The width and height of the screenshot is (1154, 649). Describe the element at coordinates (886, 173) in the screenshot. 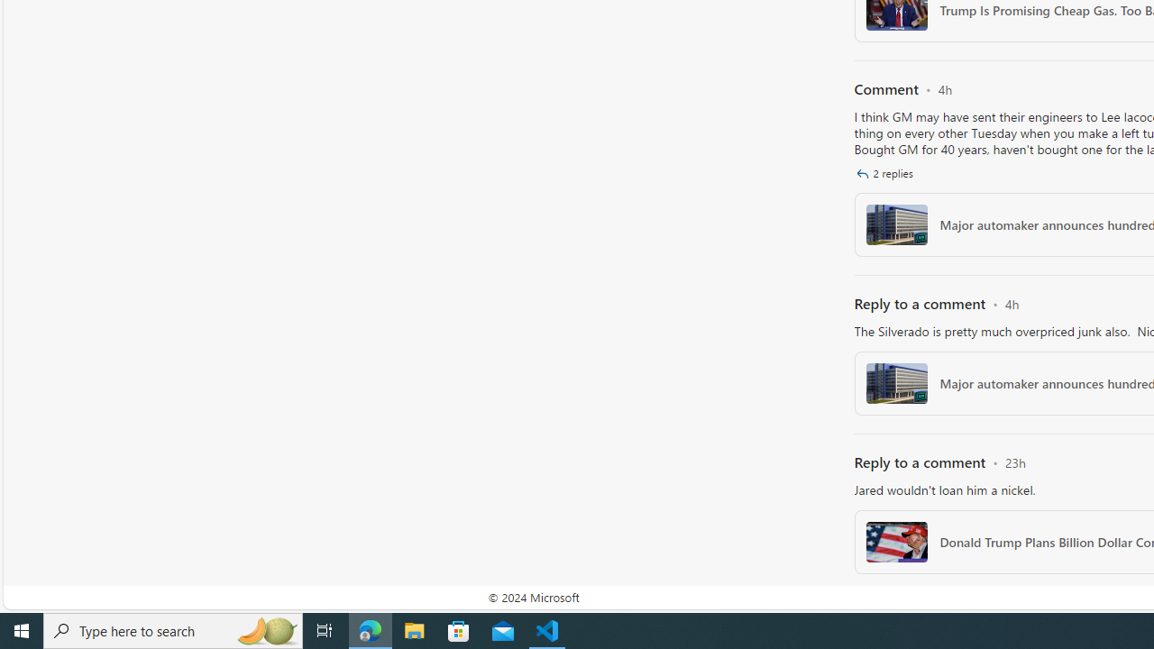

I see `'2 replies'` at that location.